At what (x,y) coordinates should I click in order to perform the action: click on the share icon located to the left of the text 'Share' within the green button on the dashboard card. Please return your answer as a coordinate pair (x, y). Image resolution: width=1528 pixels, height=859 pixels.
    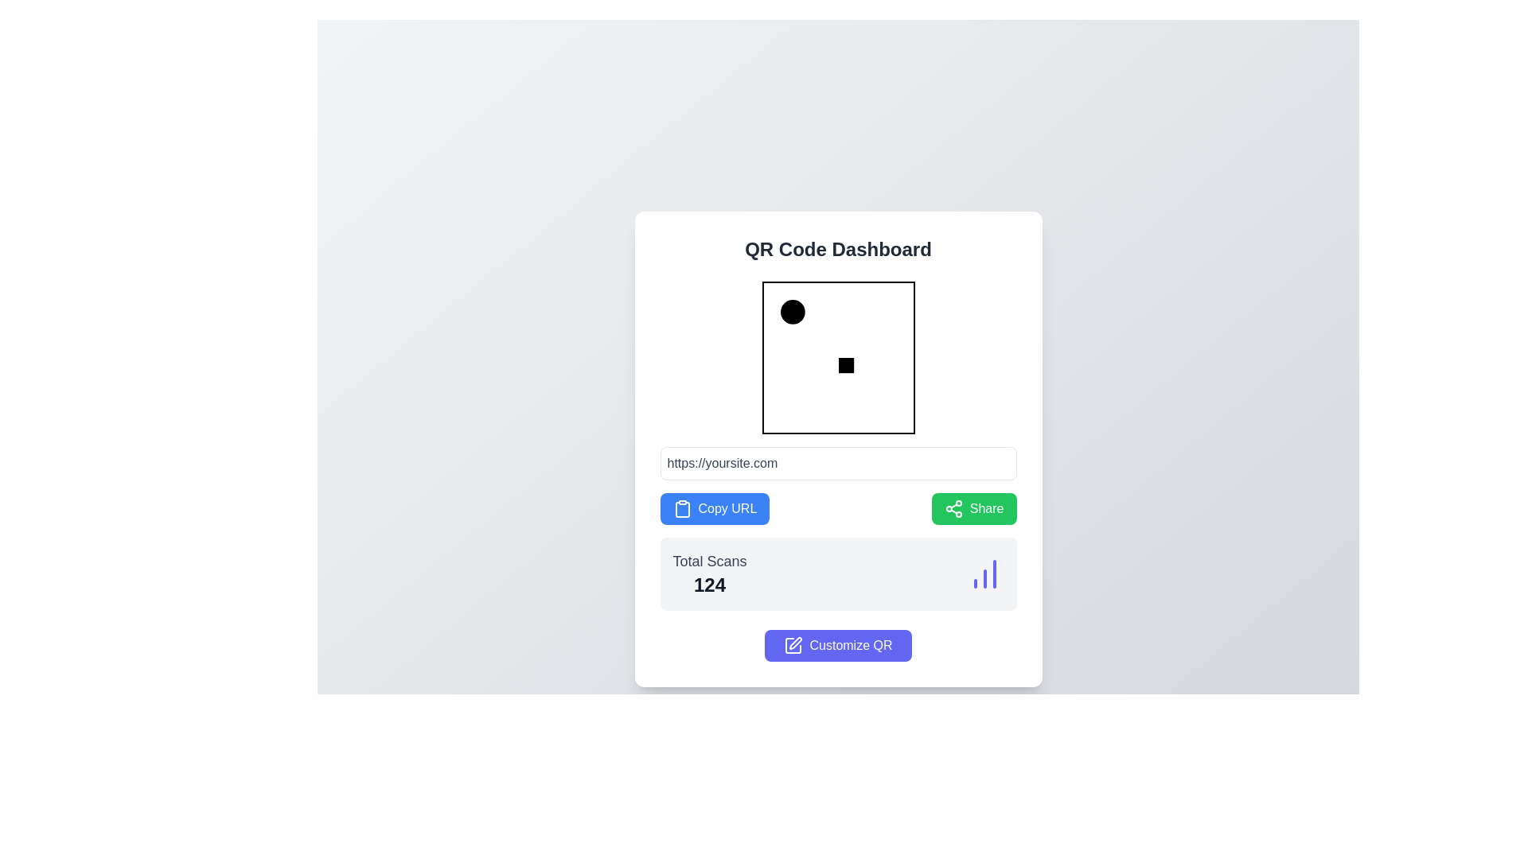
    Looking at the image, I should click on (953, 509).